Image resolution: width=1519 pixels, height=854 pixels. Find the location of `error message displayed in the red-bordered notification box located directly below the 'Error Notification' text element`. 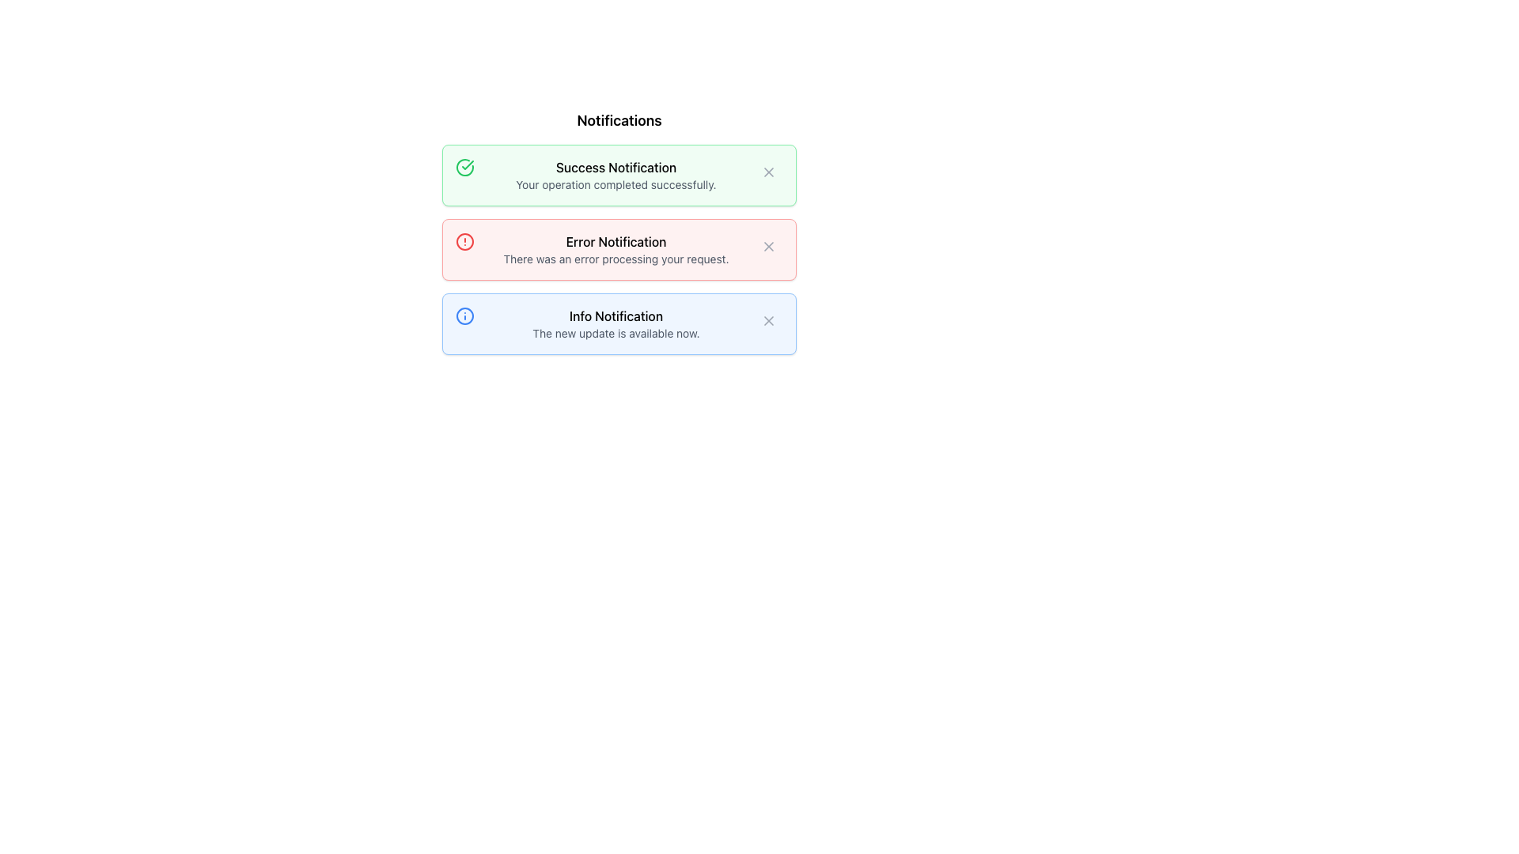

error message displayed in the red-bordered notification box located directly below the 'Error Notification' text element is located at coordinates (615, 258).